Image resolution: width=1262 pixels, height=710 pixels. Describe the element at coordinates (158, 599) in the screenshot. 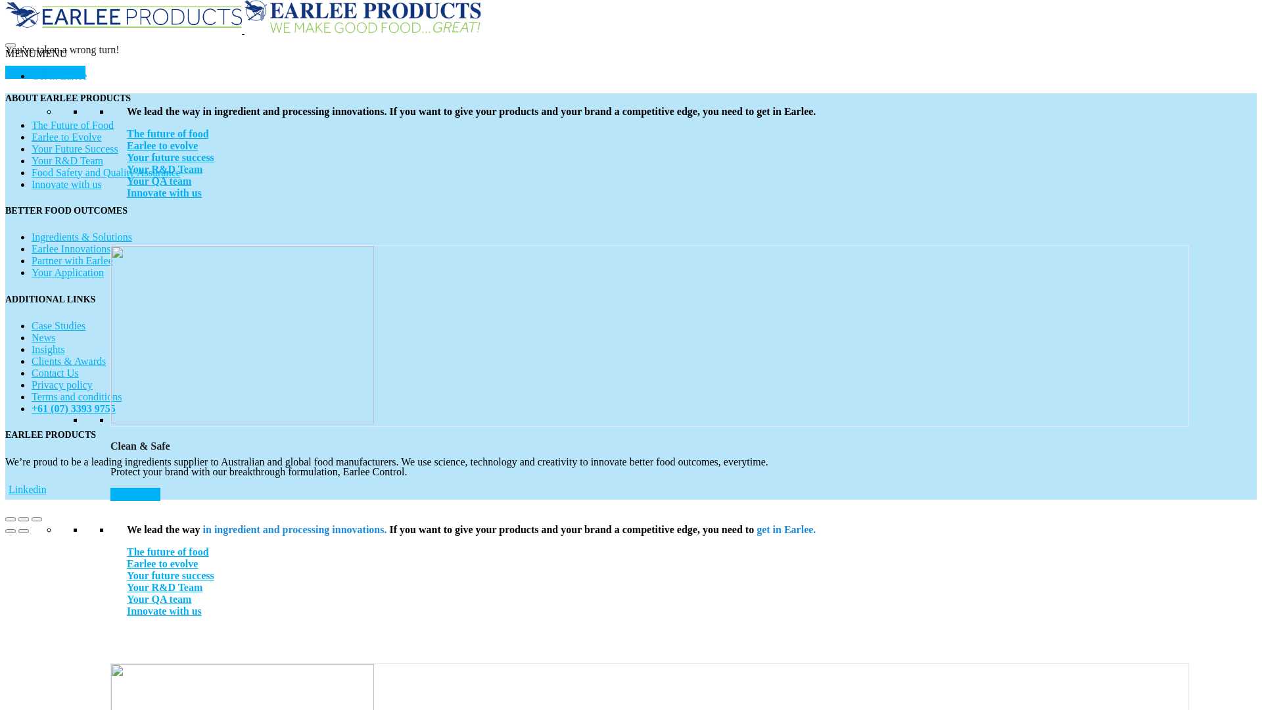

I see `'Your QA team'` at that location.